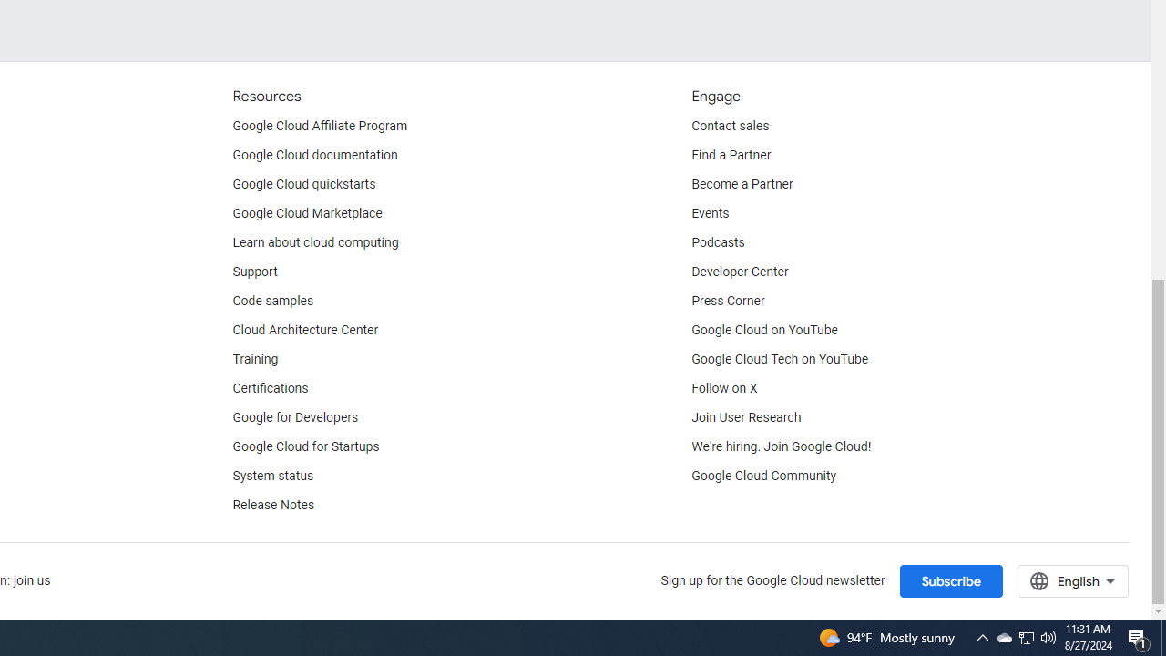 This screenshot has width=1166, height=656. What do you see at coordinates (304, 185) in the screenshot?
I see `'Google Cloud quickstarts'` at bounding box center [304, 185].